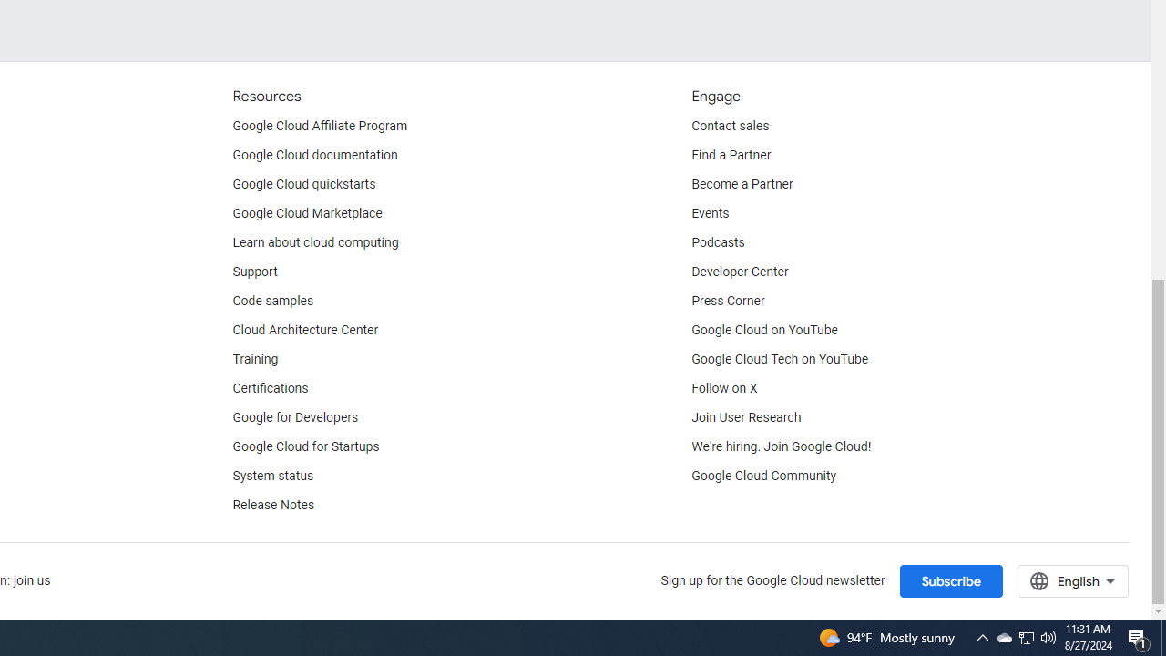 This screenshot has width=1166, height=656. What do you see at coordinates (304, 185) in the screenshot?
I see `'Google Cloud quickstarts'` at bounding box center [304, 185].